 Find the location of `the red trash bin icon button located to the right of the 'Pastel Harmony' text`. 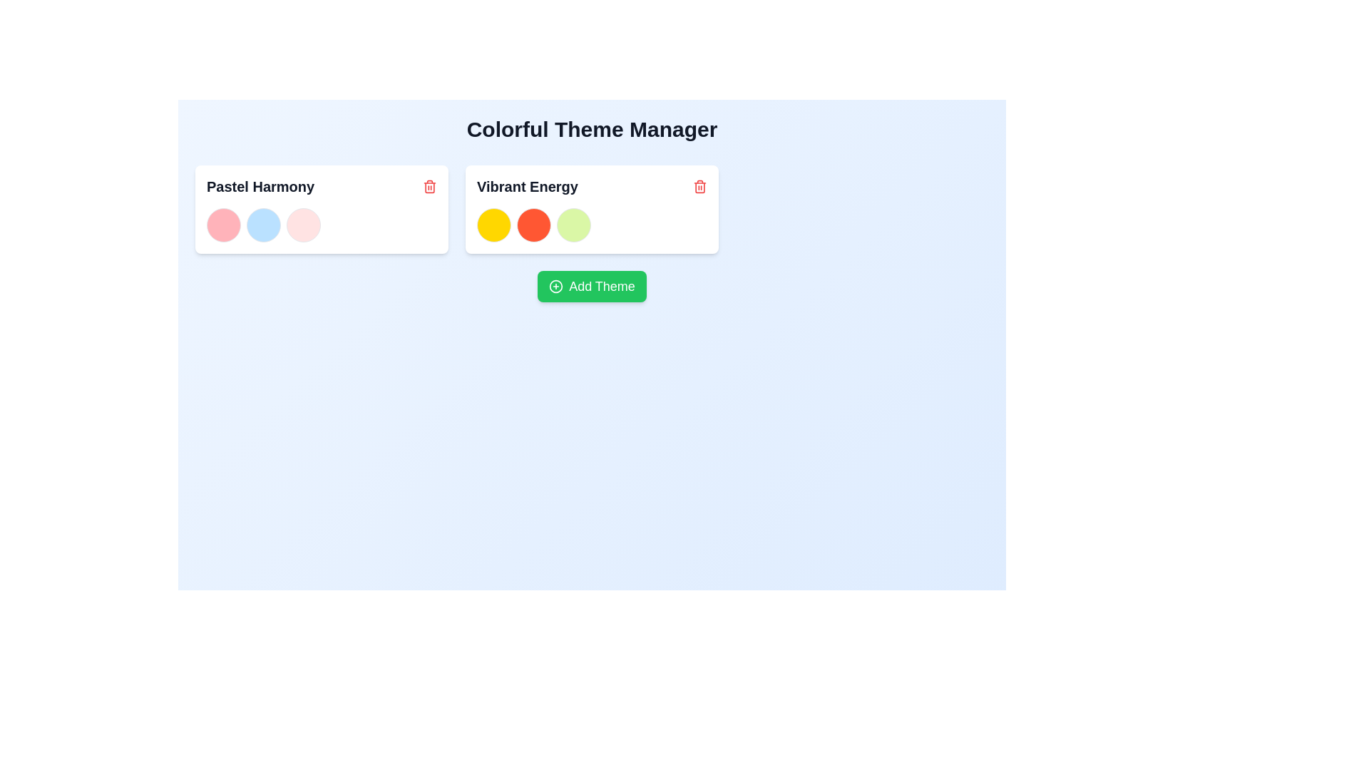

the red trash bin icon button located to the right of the 'Pastel Harmony' text is located at coordinates (429, 186).